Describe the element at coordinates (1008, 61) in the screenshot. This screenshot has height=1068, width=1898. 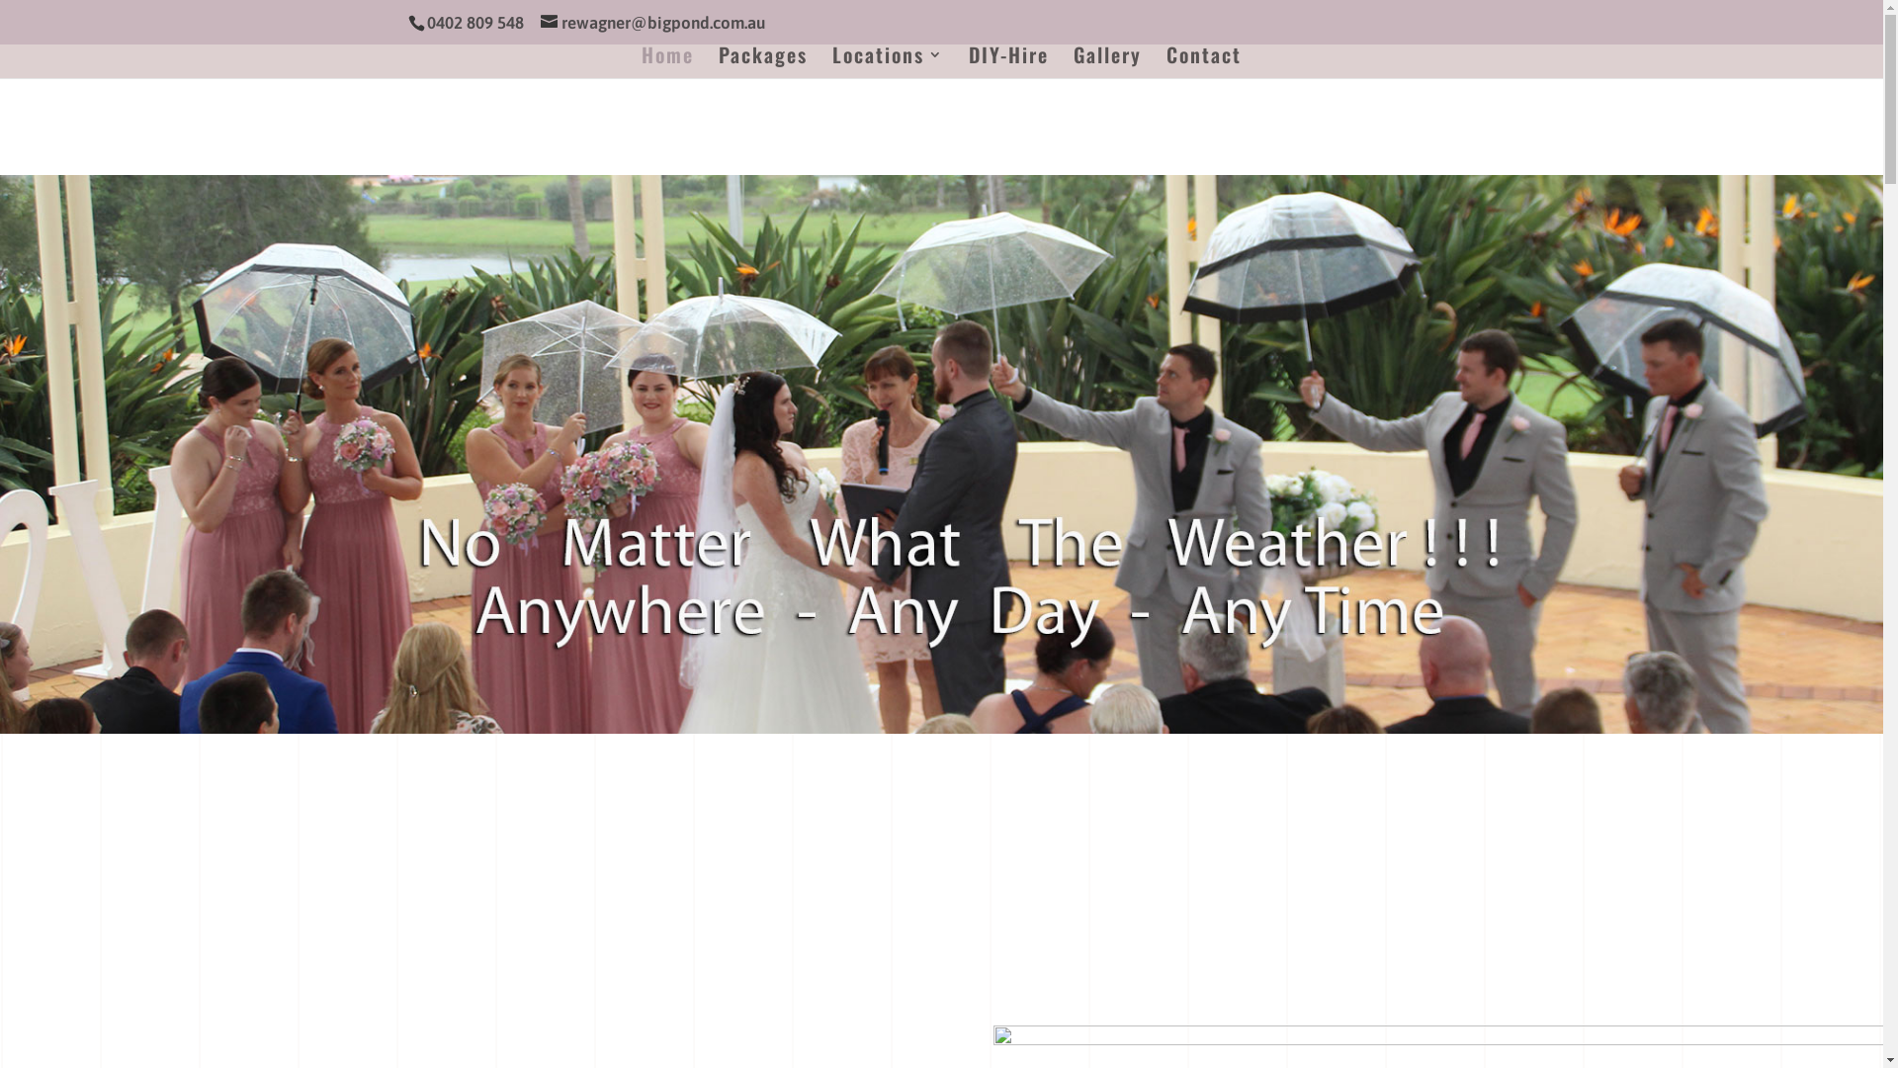
I see `'DIY-Hire'` at that location.